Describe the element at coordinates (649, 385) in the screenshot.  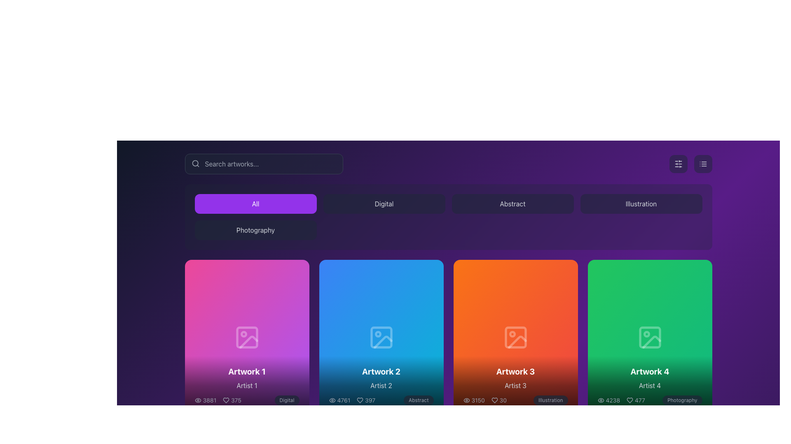
I see `the Informative panel displaying 'Artwork 4' with associated icons and text at the bottom of the card` at that location.